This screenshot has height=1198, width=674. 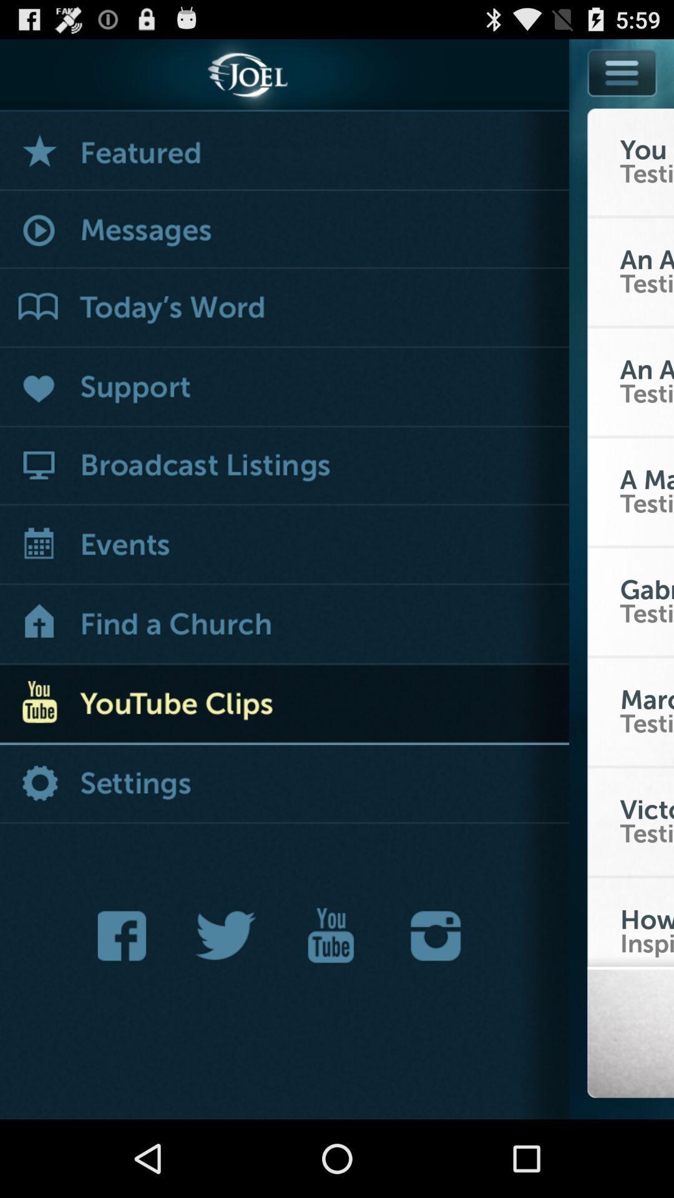 What do you see at coordinates (284, 625) in the screenshot?
I see `find a church` at bounding box center [284, 625].